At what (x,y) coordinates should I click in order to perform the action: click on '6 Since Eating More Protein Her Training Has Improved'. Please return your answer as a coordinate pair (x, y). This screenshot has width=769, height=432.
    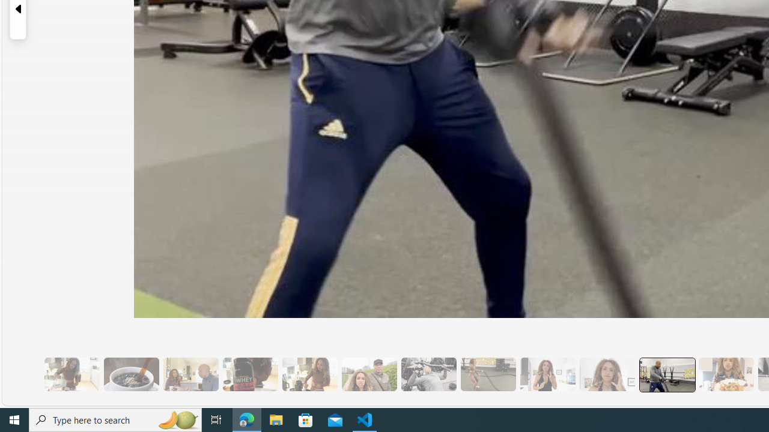
    Looking at the image, I should click on (249, 374).